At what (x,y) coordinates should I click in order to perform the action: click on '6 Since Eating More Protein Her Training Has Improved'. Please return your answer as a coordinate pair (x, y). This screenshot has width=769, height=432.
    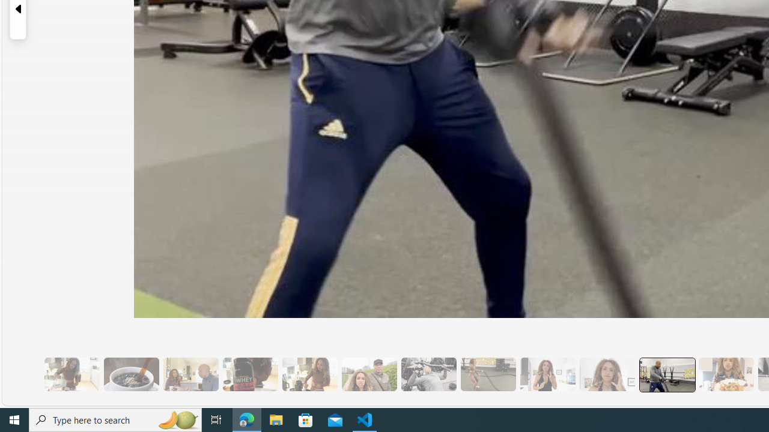
    Looking at the image, I should click on (249, 374).